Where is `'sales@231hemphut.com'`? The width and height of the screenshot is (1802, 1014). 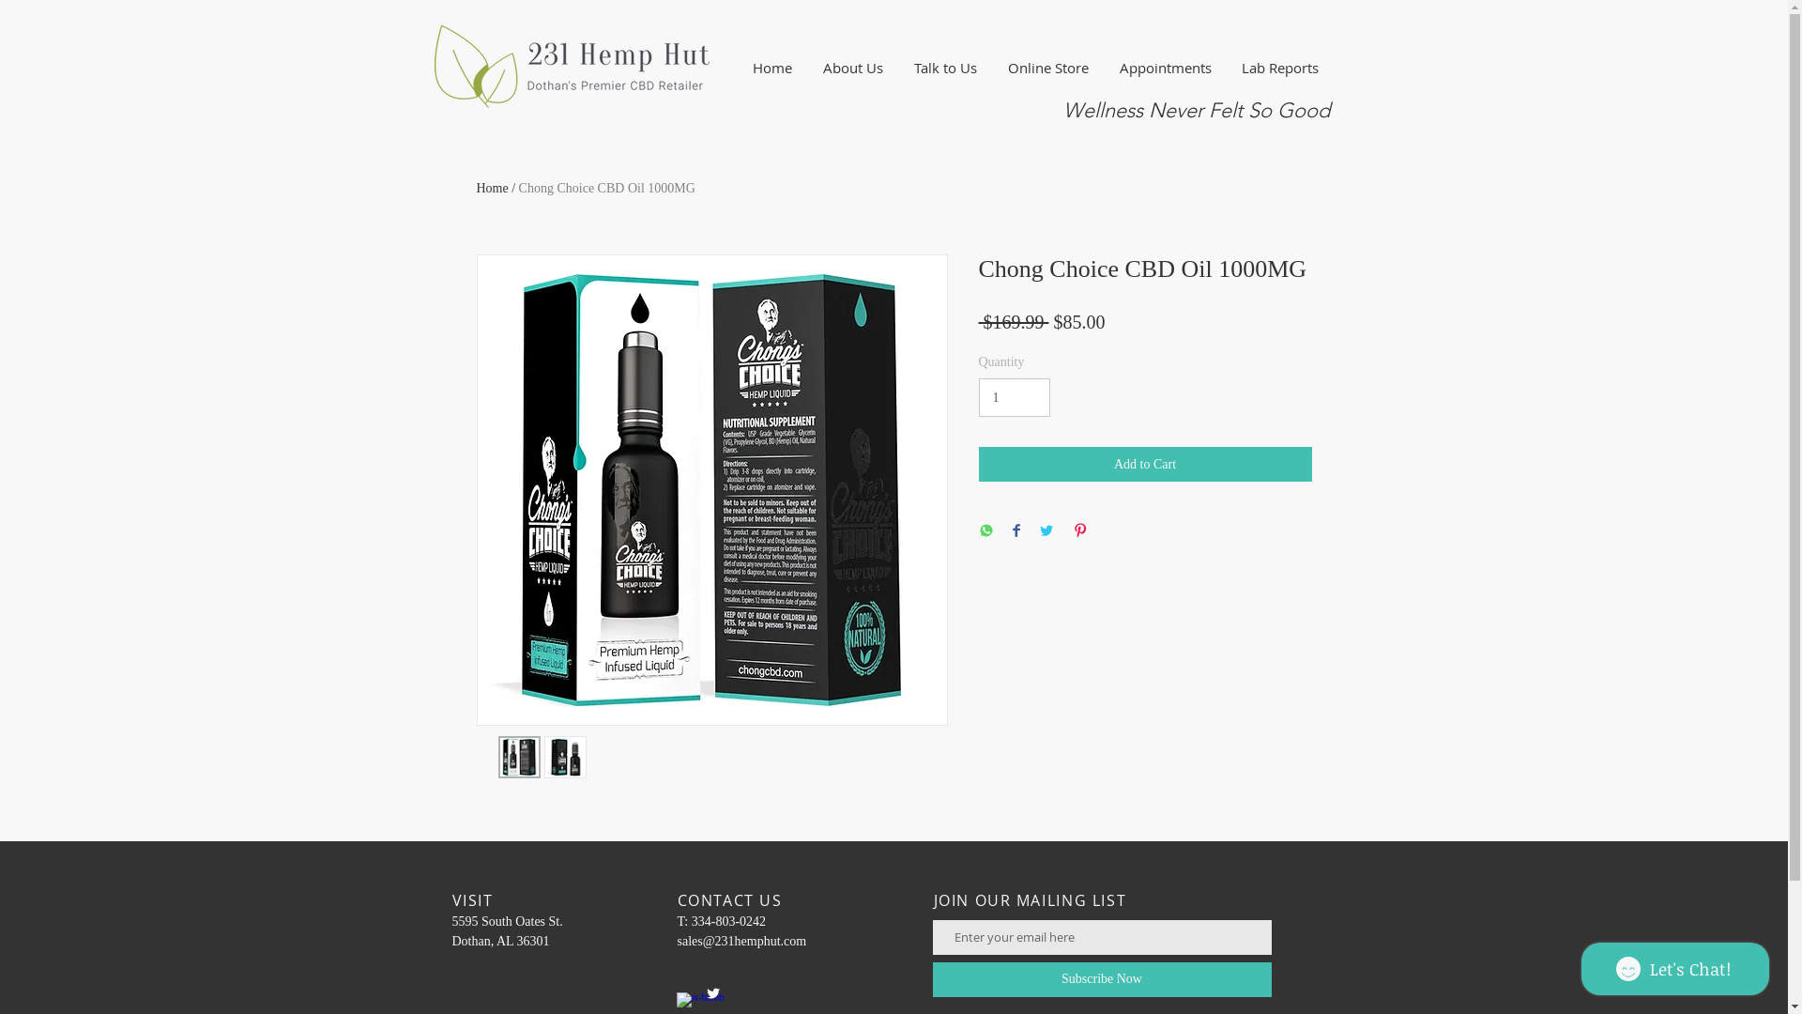 'sales@231hemphut.com' is located at coordinates (676, 941).